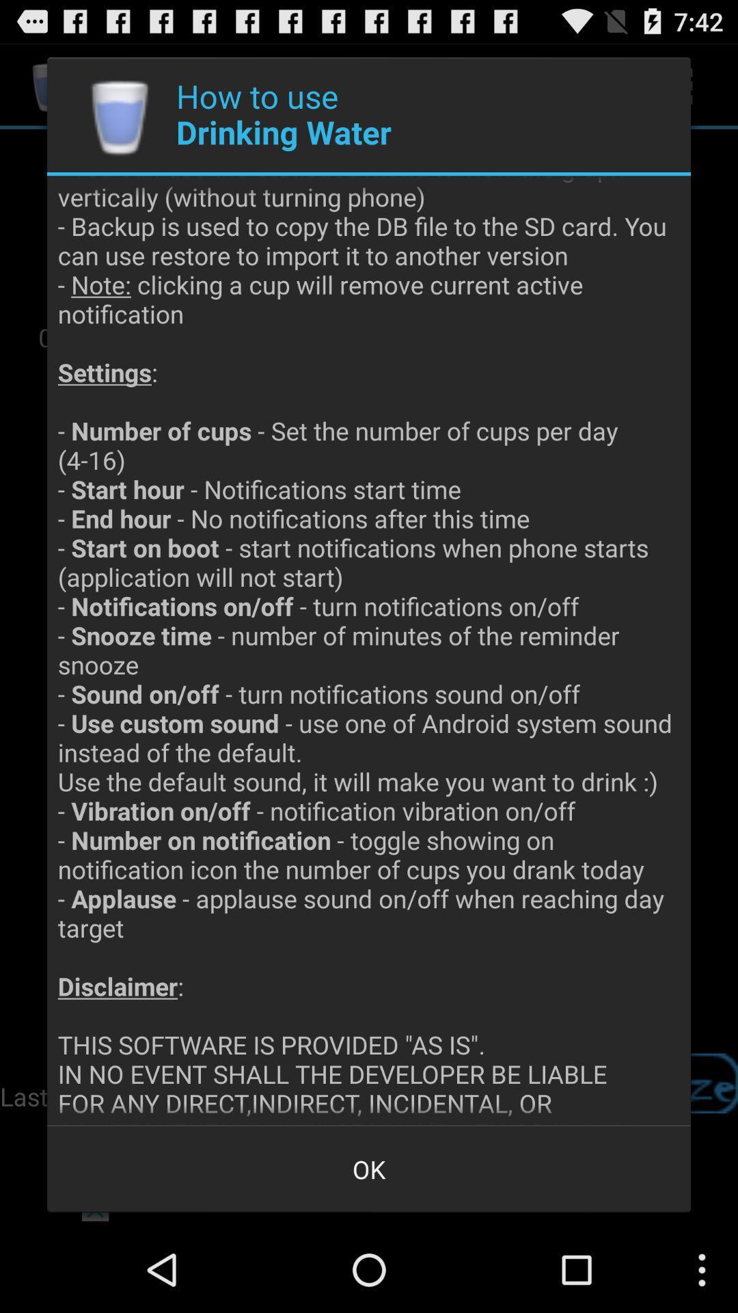  Describe the element at coordinates (369, 1168) in the screenshot. I see `button at the bottom` at that location.